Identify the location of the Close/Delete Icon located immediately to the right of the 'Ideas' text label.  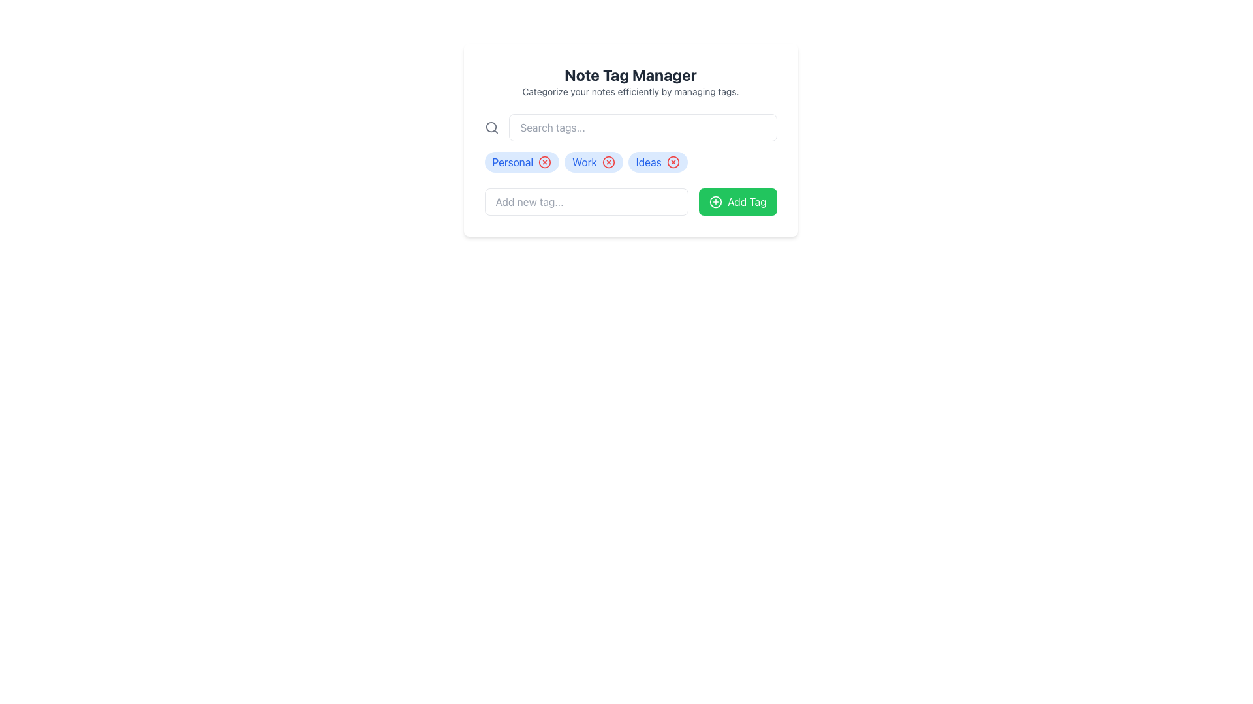
(673, 162).